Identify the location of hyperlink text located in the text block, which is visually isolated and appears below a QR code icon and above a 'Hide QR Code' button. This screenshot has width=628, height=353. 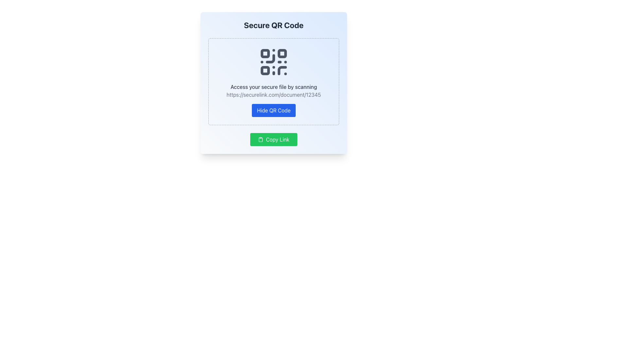
(273, 91).